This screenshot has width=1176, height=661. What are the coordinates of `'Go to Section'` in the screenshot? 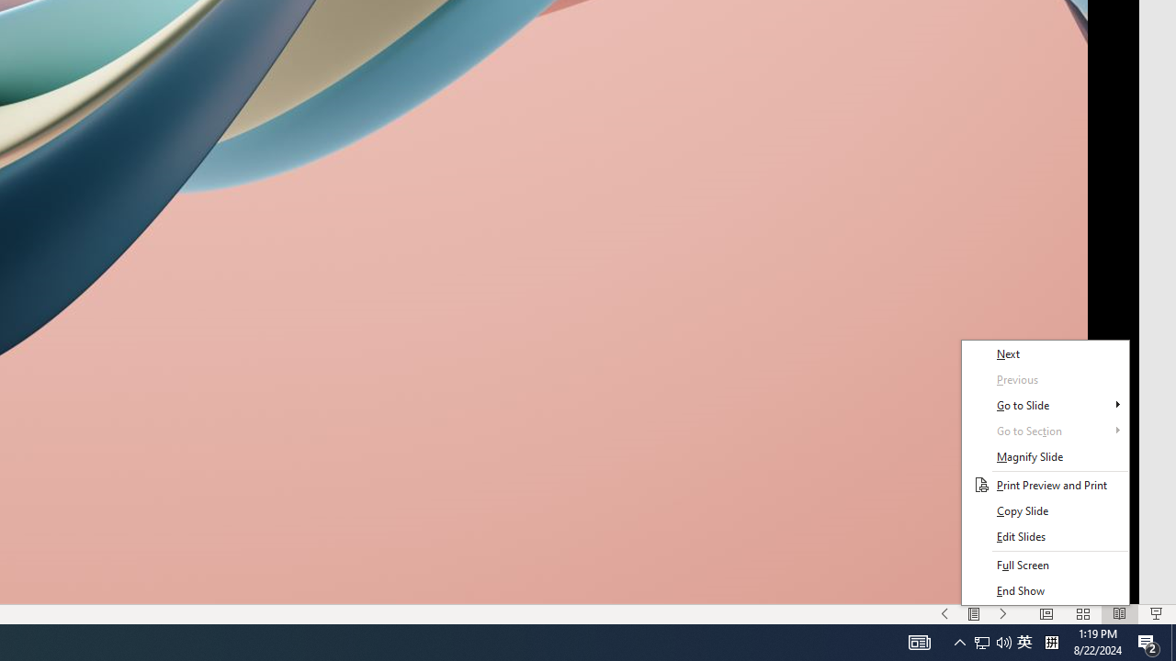 It's located at (1045, 431).